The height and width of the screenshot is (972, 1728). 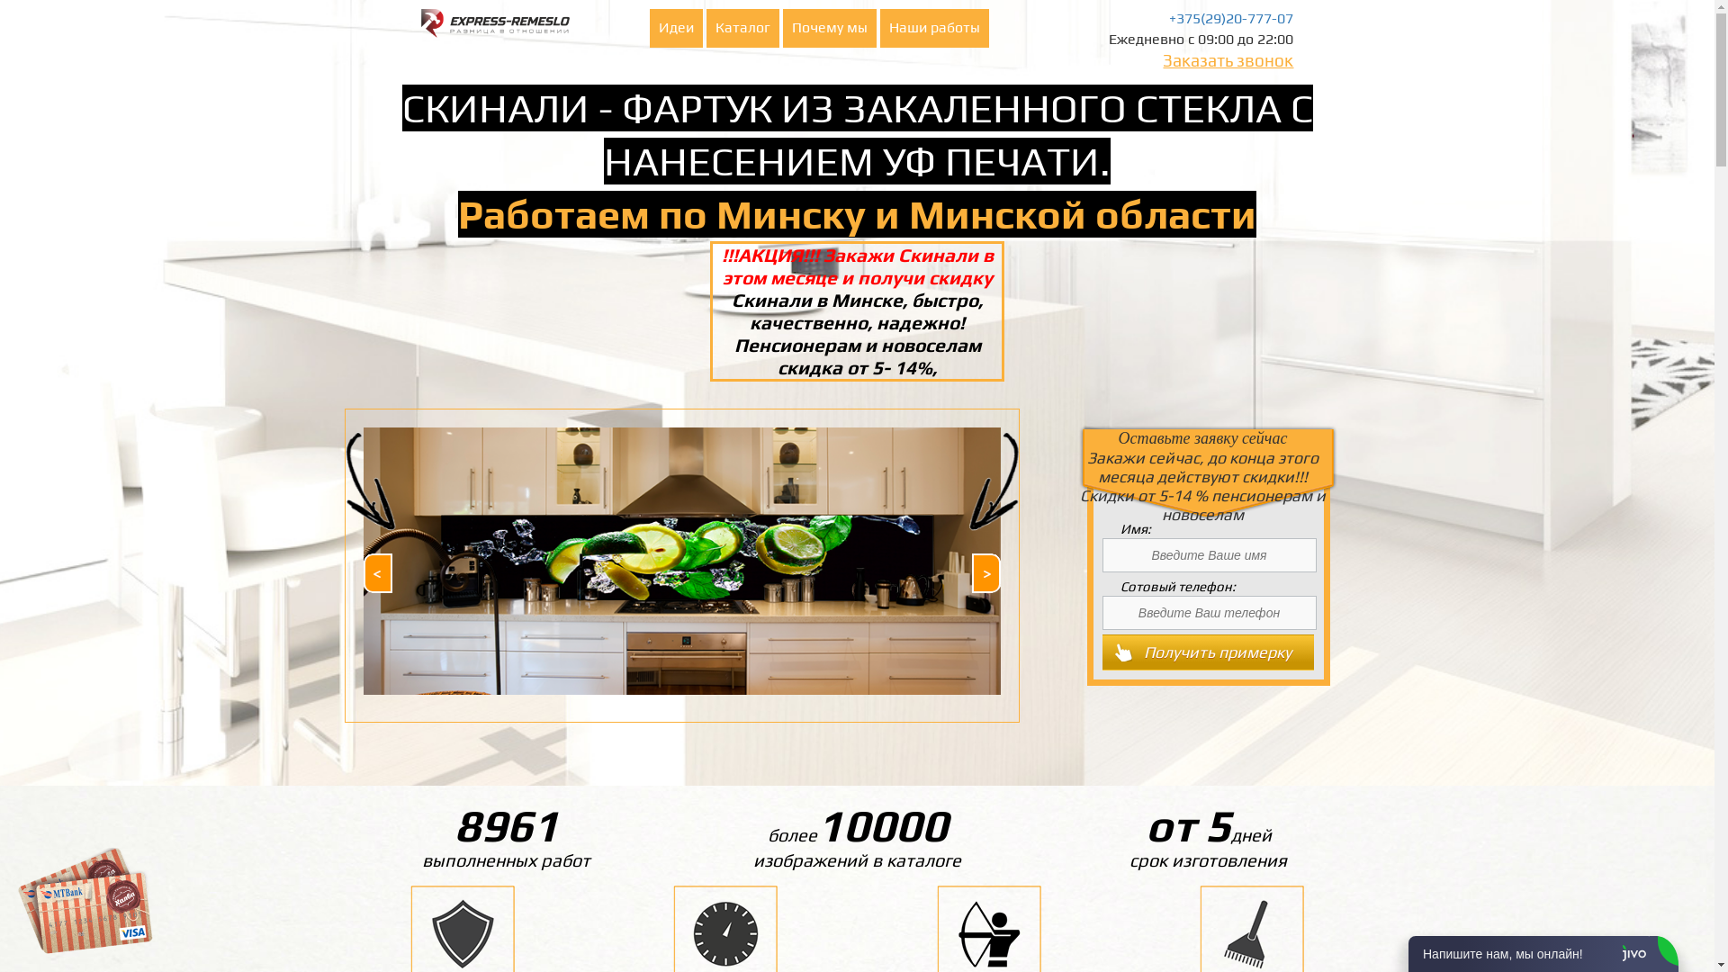 What do you see at coordinates (377, 572) in the screenshot?
I see `'Prev'` at bounding box center [377, 572].